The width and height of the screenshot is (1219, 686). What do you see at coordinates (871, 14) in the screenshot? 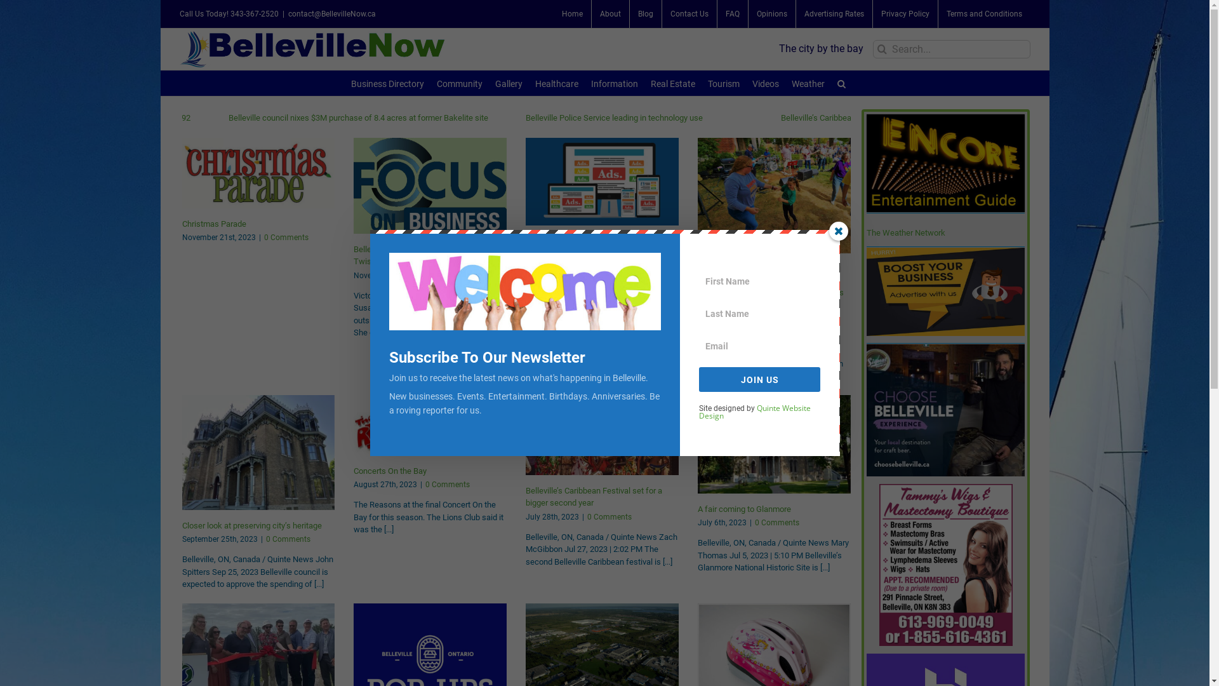
I see `'Privacy Policy'` at bounding box center [871, 14].